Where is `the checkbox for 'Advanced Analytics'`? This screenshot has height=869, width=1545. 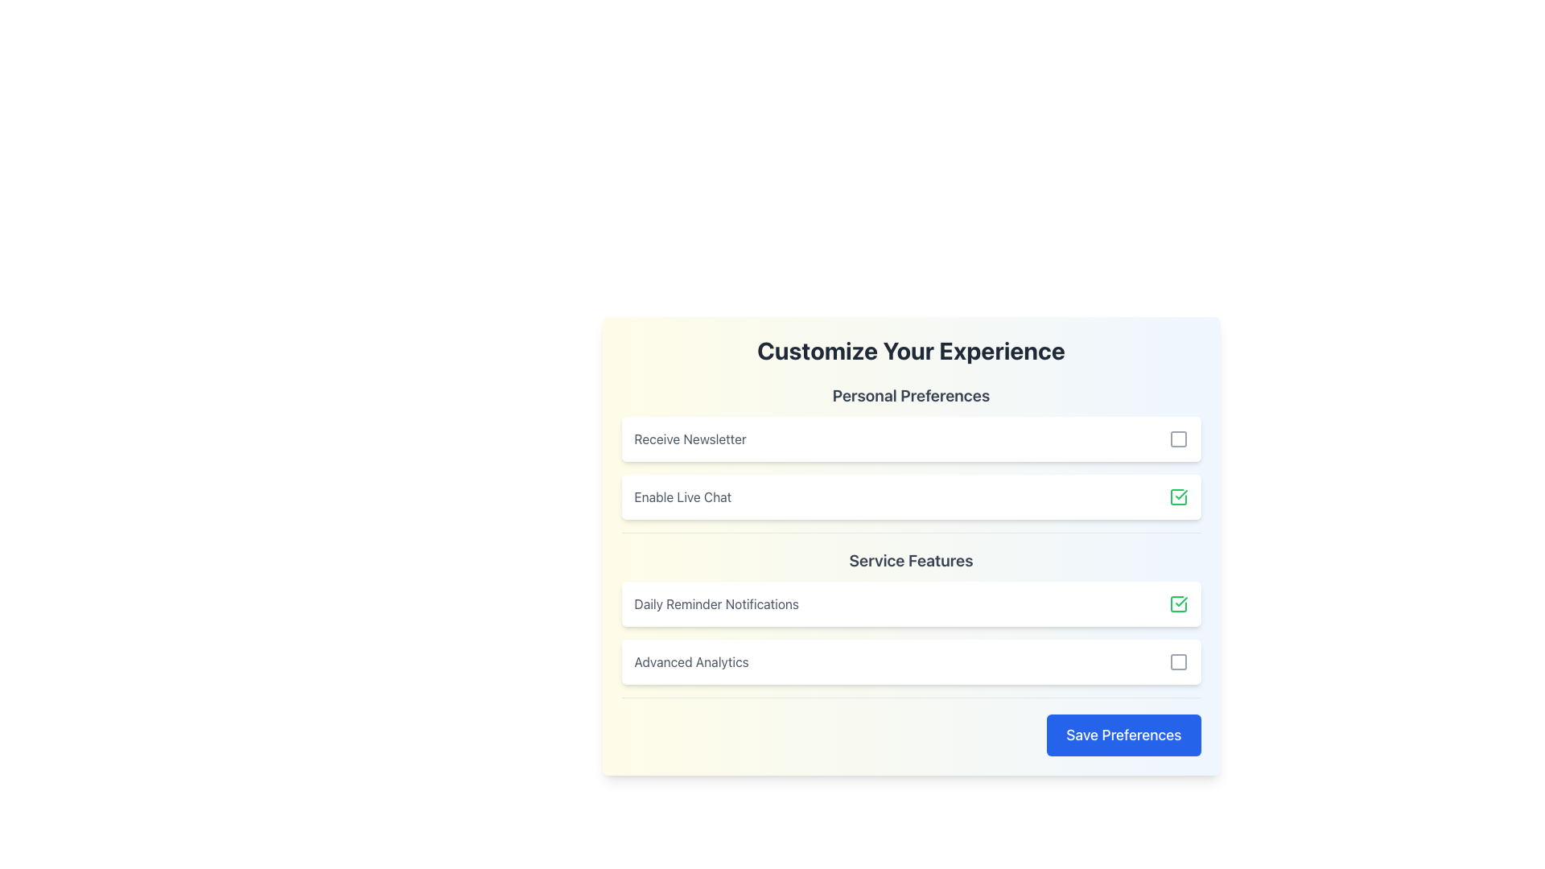 the checkbox for 'Advanced Analytics' is located at coordinates (911, 661).